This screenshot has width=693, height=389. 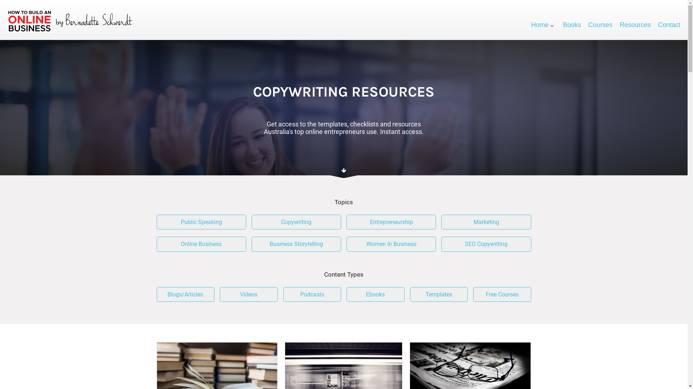 I want to click on 'Contact', so click(x=658, y=24).